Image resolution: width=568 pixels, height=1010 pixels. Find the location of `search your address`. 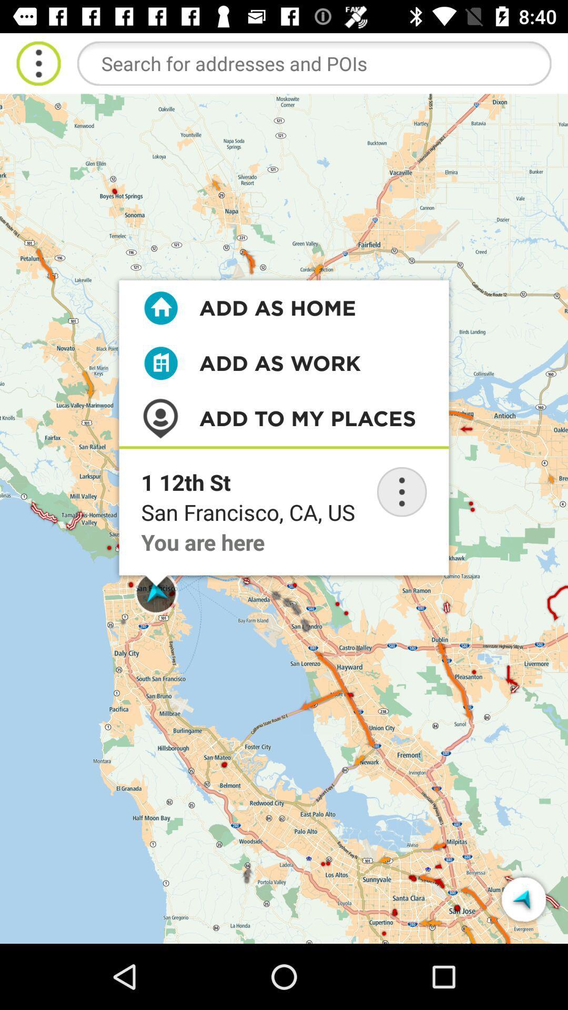

search your address is located at coordinates (313, 63).